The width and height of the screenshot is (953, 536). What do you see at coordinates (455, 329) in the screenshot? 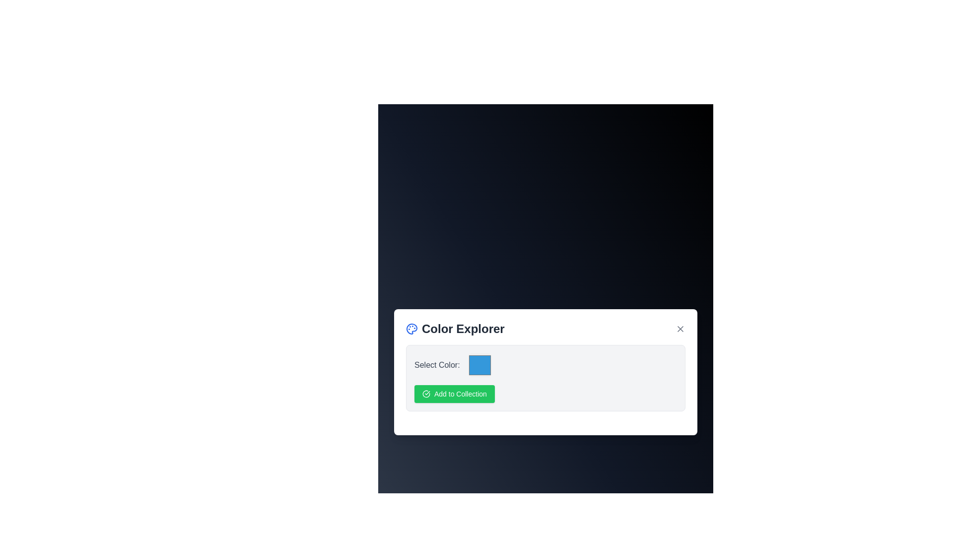
I see `the 'Color Explorer' text header element, which features bold text and a blue palette icon, located at the top center of the dialog box` at bounding box center [455, 329].